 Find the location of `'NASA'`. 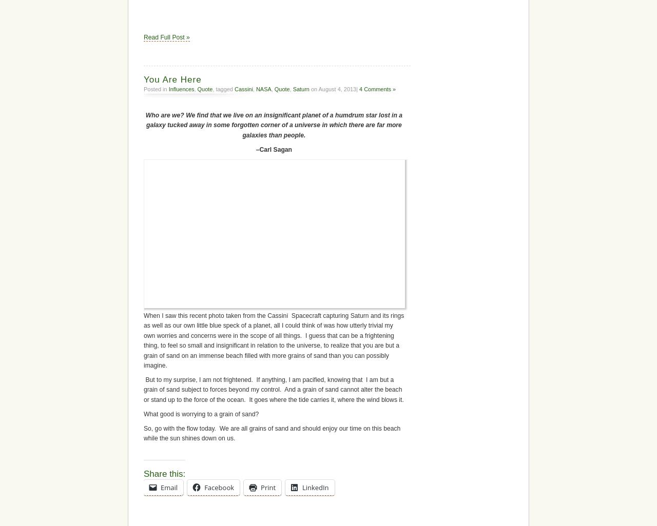

'NASA' is located at coordinates (263, 88).